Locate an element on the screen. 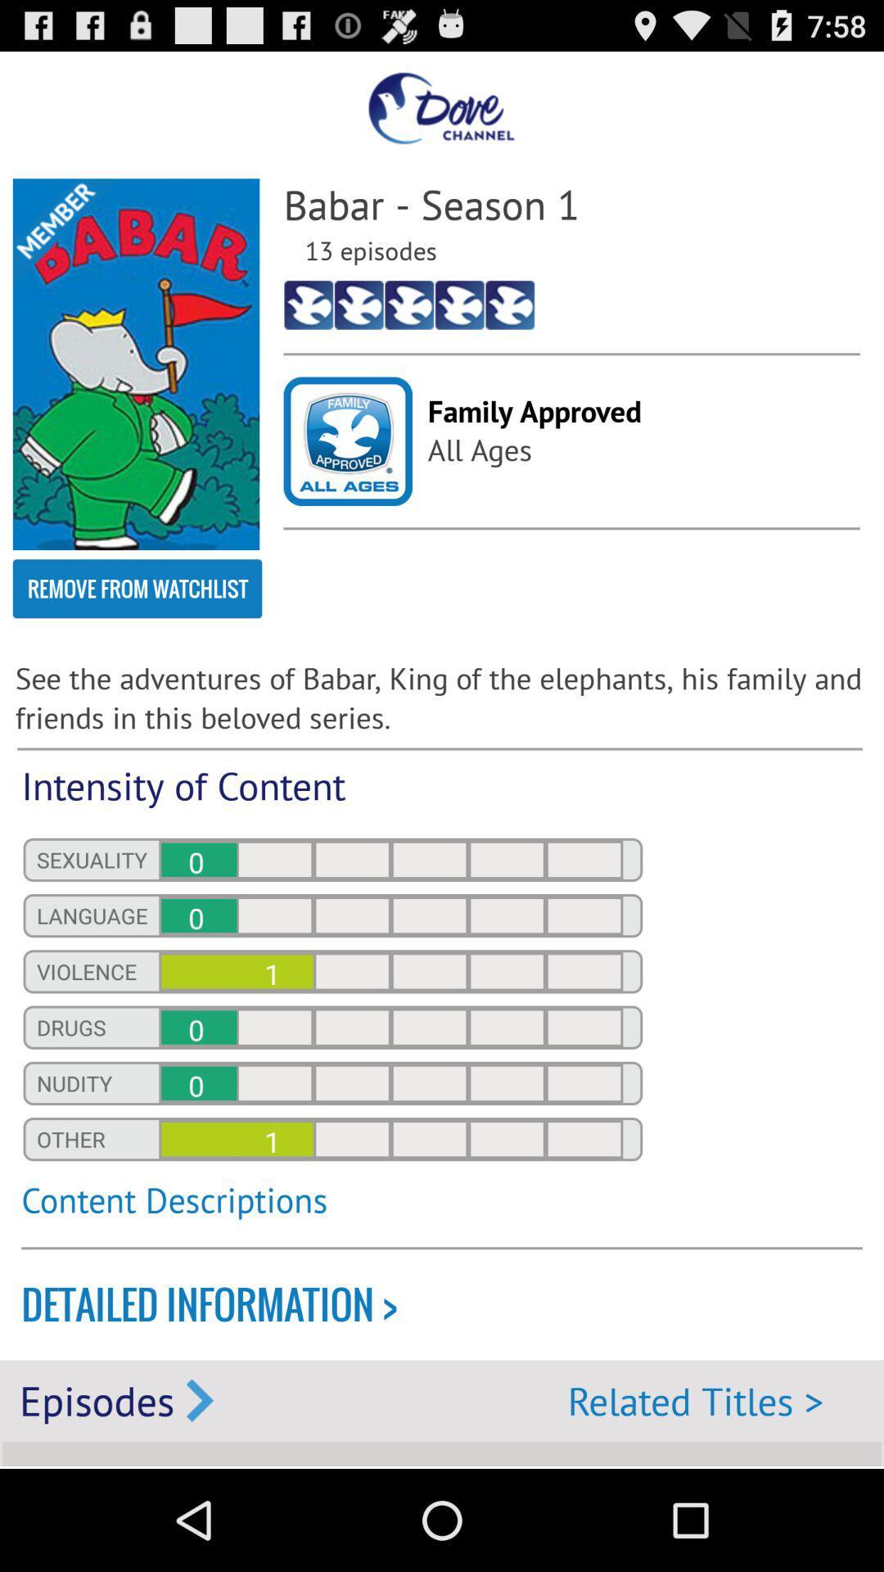 The height and width of the screenshot is (1572, 884). remove from watchlist item is located at coordinates (137, 589).